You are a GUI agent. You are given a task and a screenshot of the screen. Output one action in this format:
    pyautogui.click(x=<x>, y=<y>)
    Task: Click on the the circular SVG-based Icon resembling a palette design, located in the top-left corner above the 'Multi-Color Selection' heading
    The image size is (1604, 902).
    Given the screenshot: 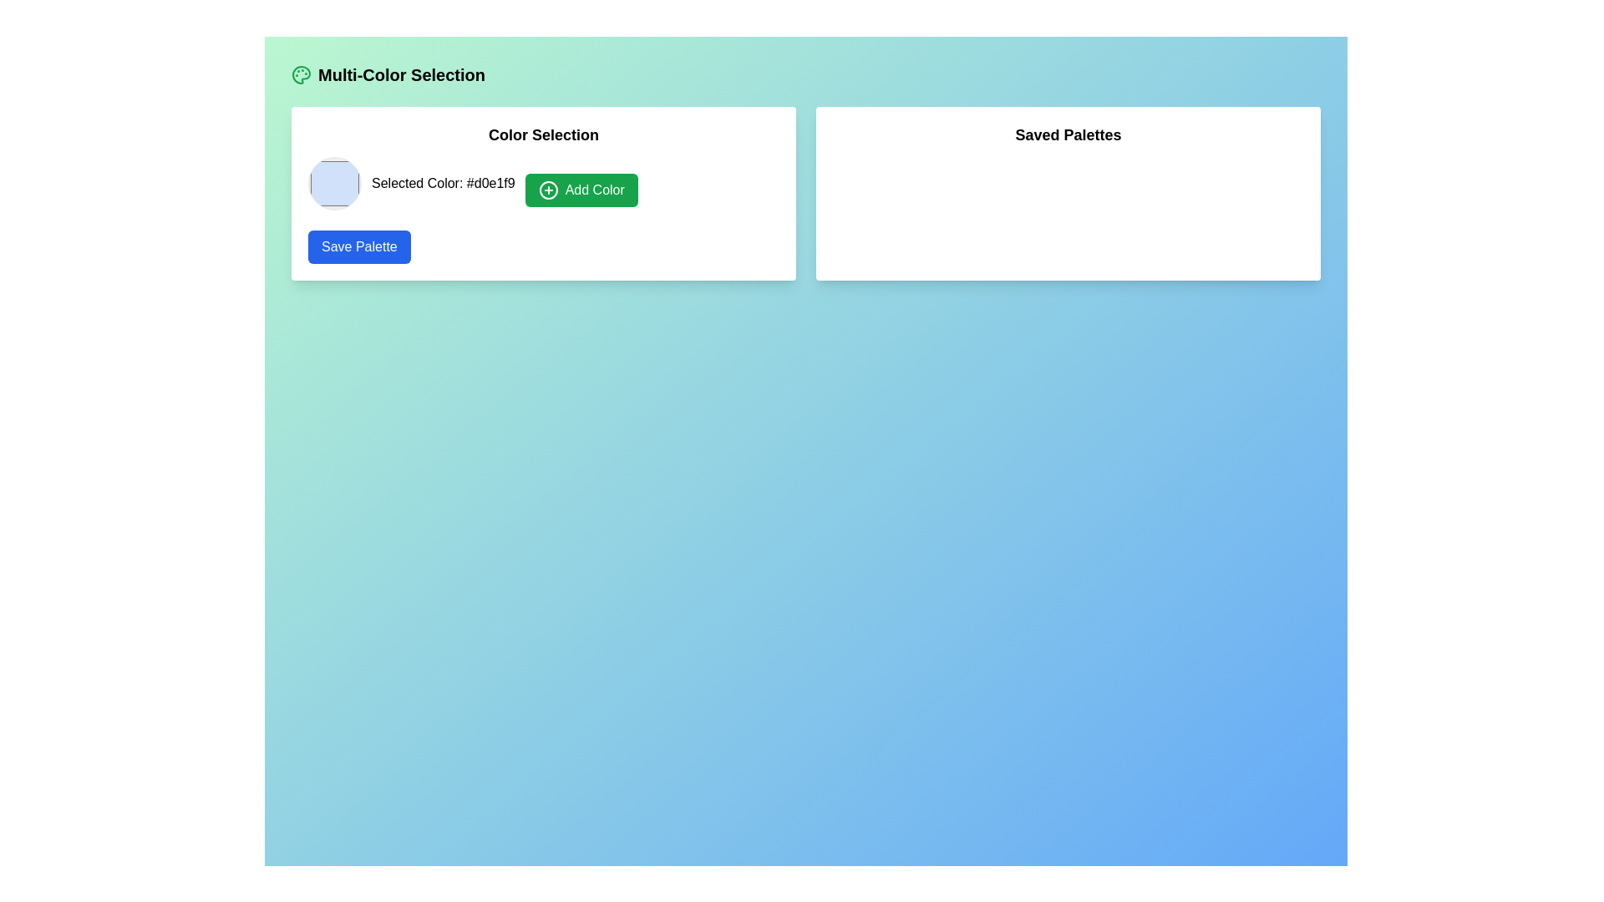 What is the action you would take?
    pyautogui.click(x=301, y=73)
    